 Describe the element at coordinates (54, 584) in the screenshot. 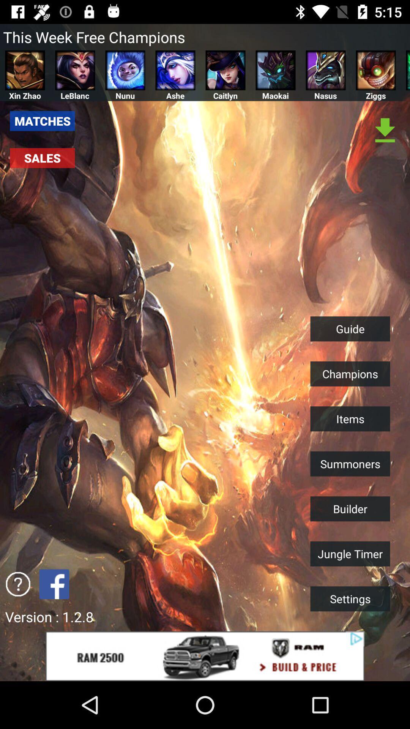

I see `share the article` at that location.